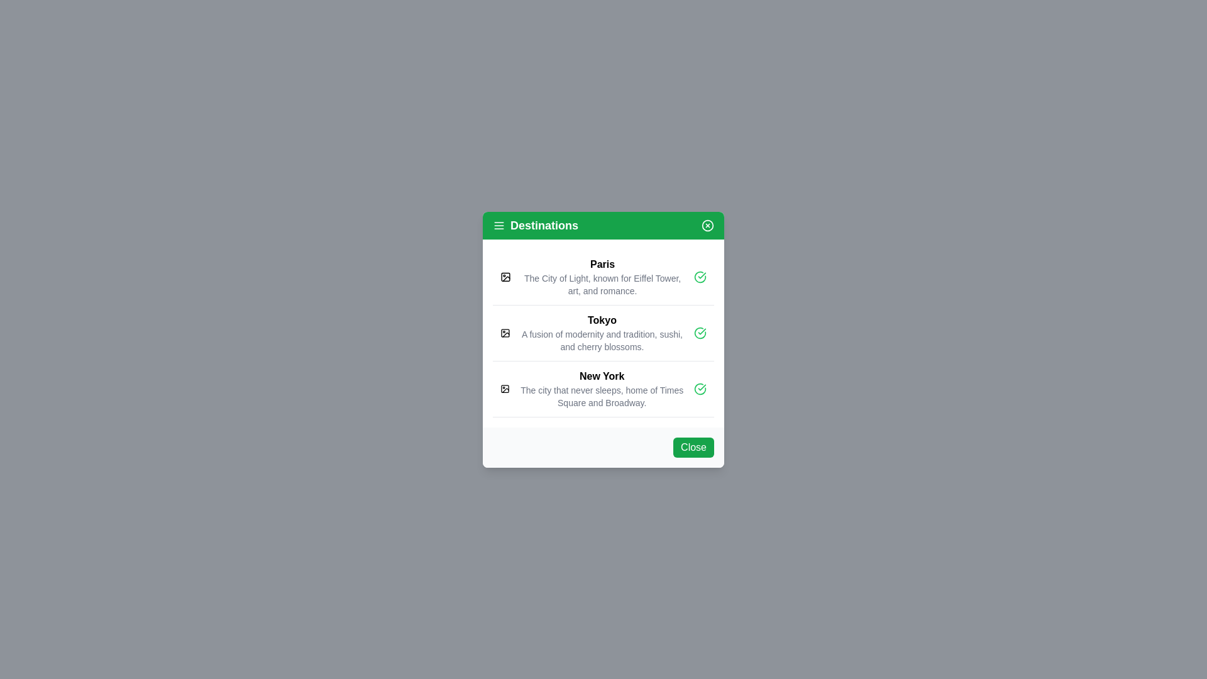 Image resolution: width=1207 pixels, height=679 pixels. Describe the element at coordinates (708, 224) in the screenshot. I see `the close or cancel button represented by the circular boundary in the top-right corner of the green bar` at that location.